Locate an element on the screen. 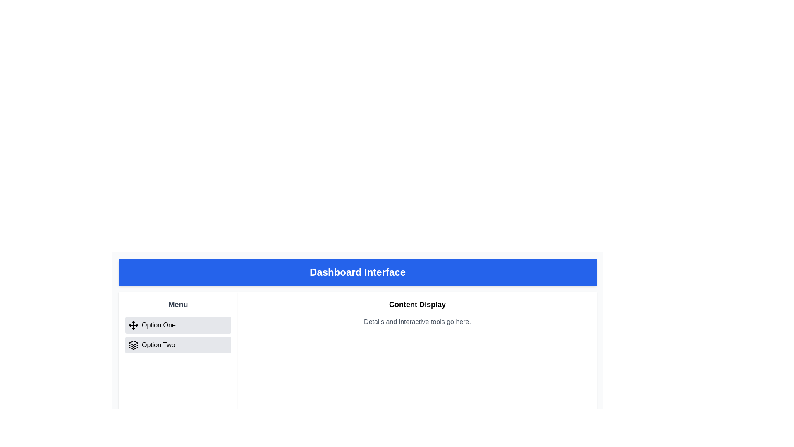 This screenshot has width=794, height=447. the second selectable option in the List Component located in the Menu section by clicking on it is located at coordinates (178, 335).